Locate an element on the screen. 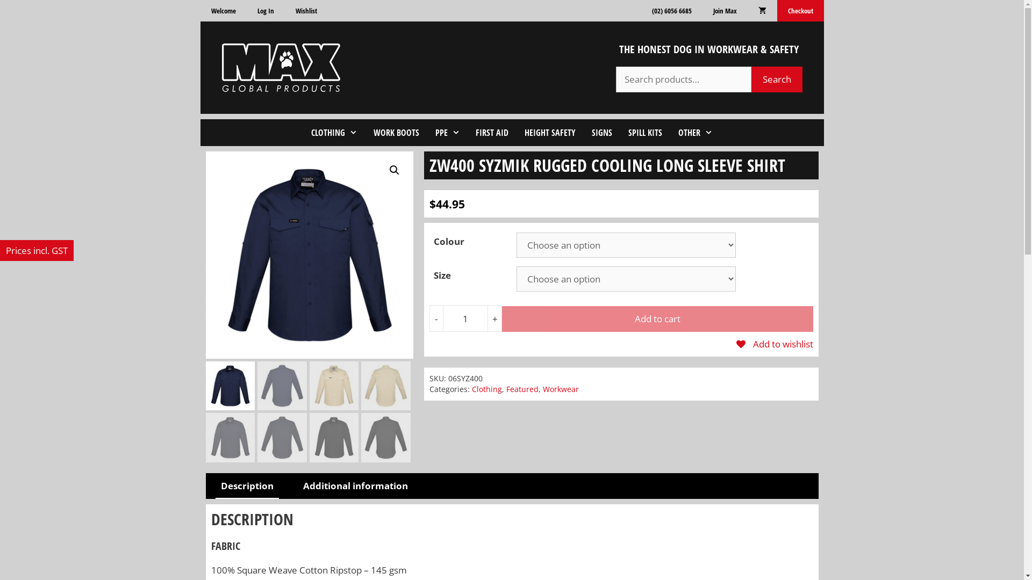  'CLOTHING' is located at coordinates (334, 132).